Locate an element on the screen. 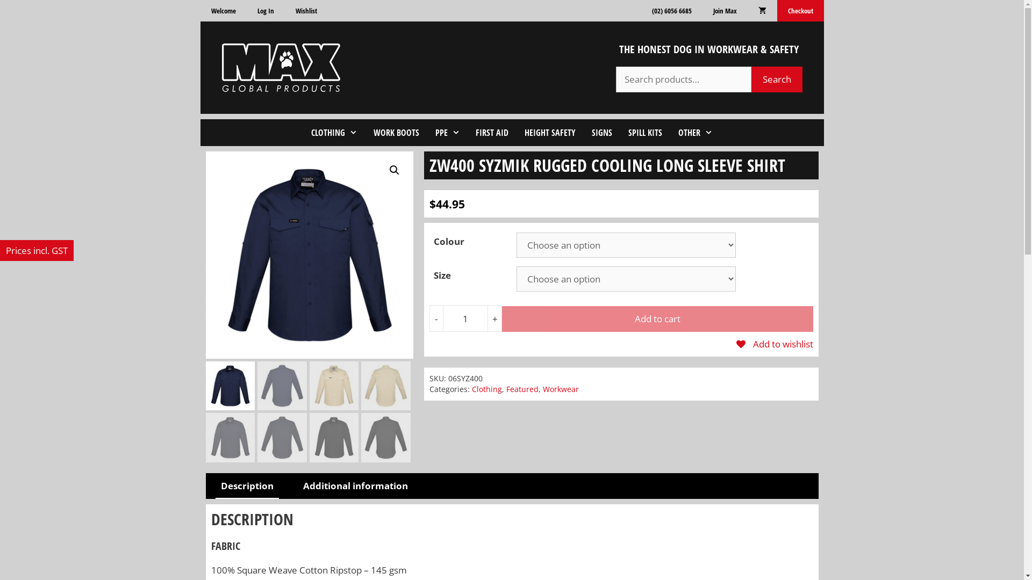  'CLOTHING' is located at coordinates (334, 132).